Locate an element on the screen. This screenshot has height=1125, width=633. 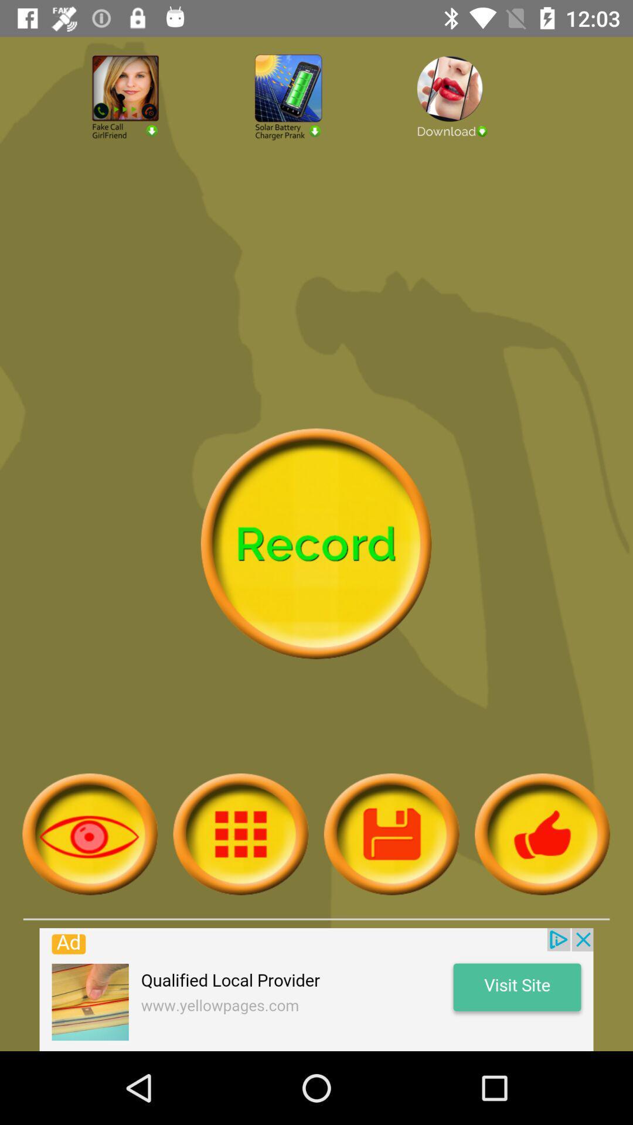
search command is located at coordinates (89, 833).